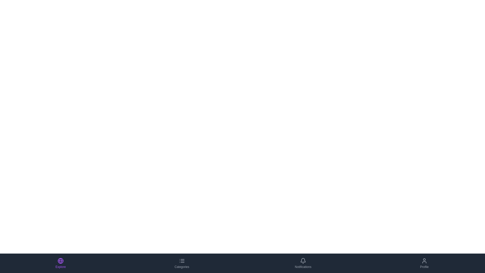  I want to click on the 'Categories' icon, which is located at the center upper part of the button labeled 'Categories' in the bottom navigation bar, so click(182, 261).